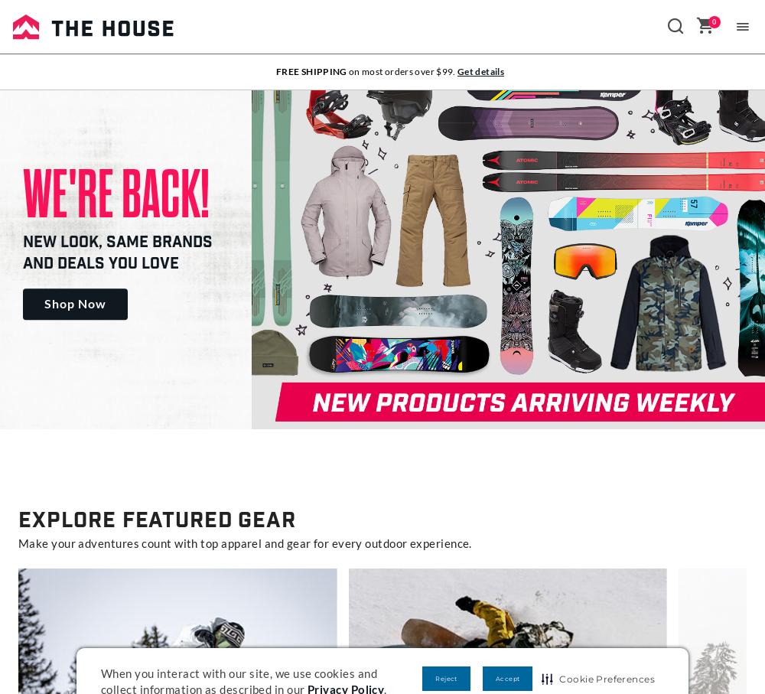  I want to click on 'Make your adventures count with top apparel and gear for every outdoor experience.', so click(18, 542).